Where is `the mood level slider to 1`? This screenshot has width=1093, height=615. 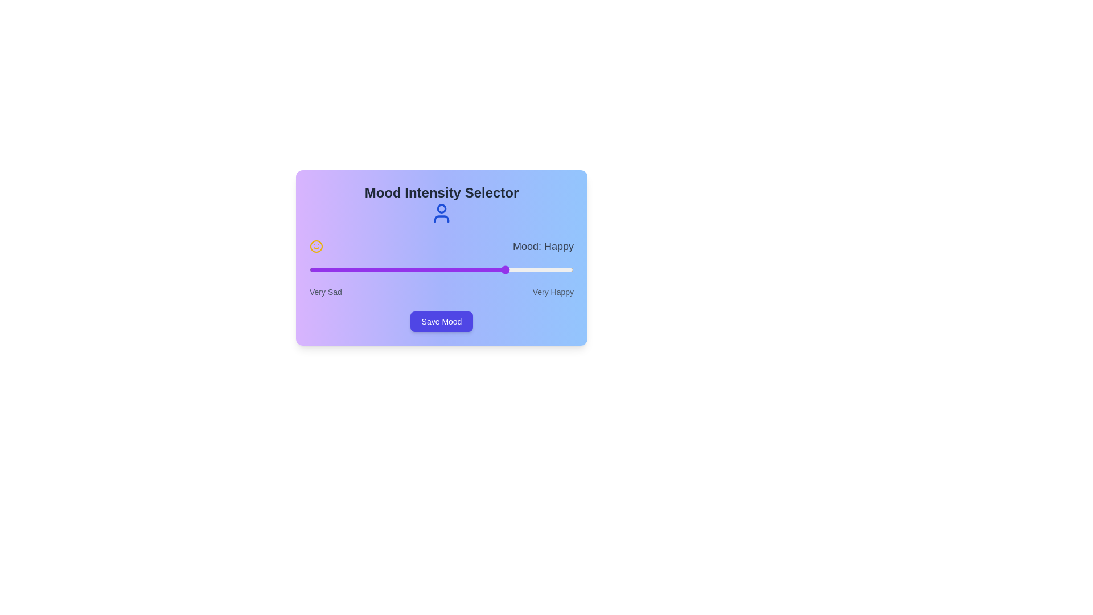 the mood level slider to 1 is located at coordinates (376, 270).